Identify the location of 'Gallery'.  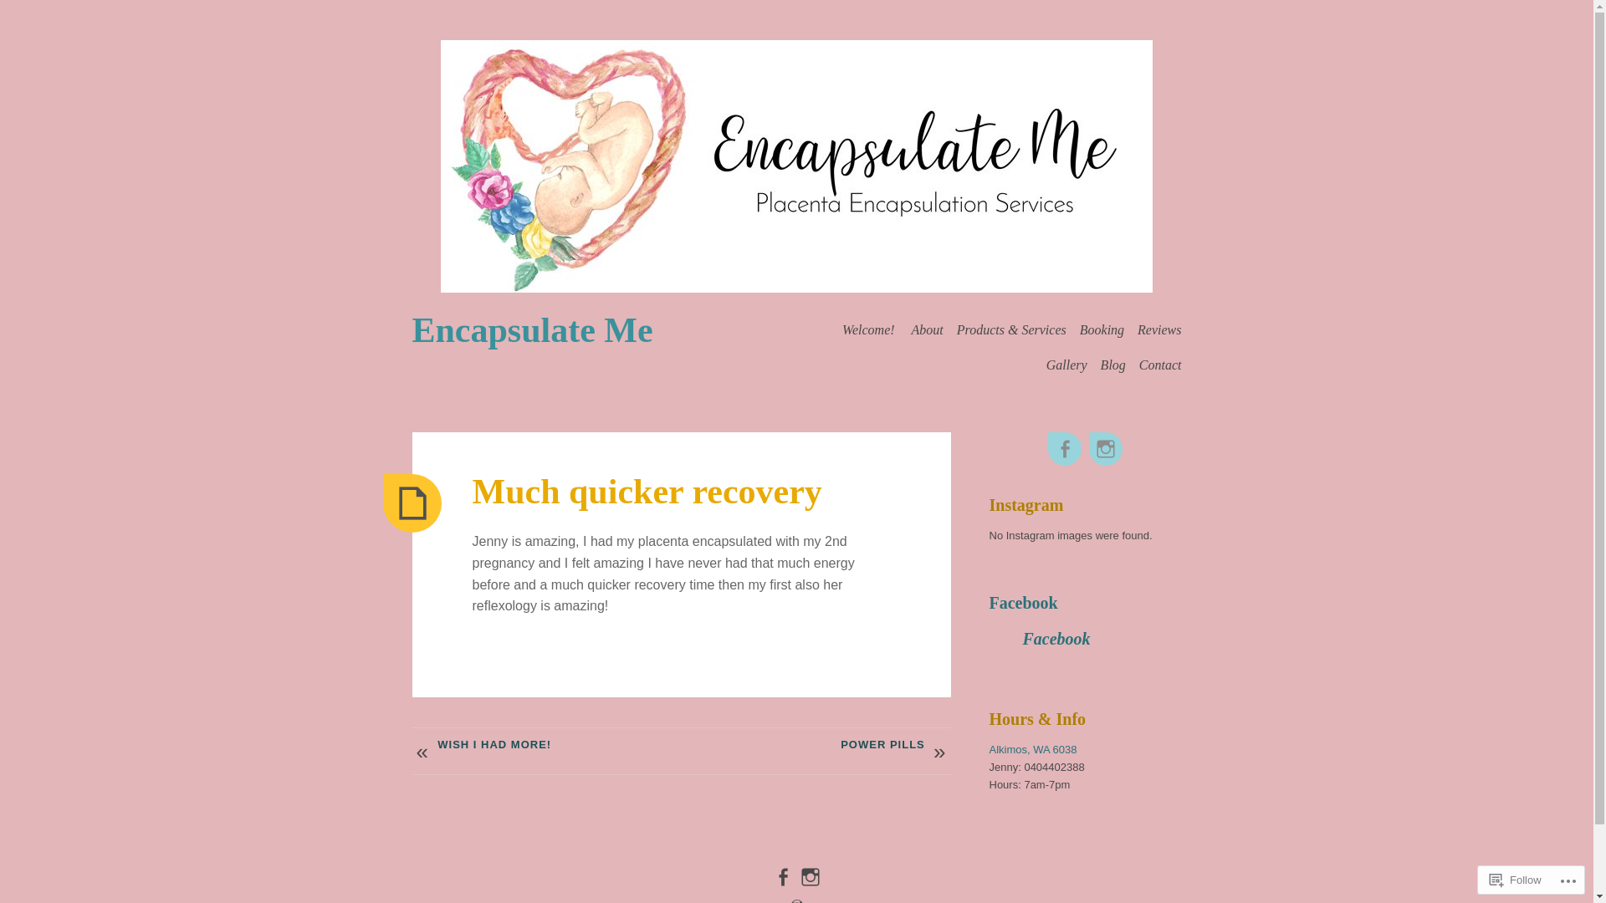
(1046, 364).